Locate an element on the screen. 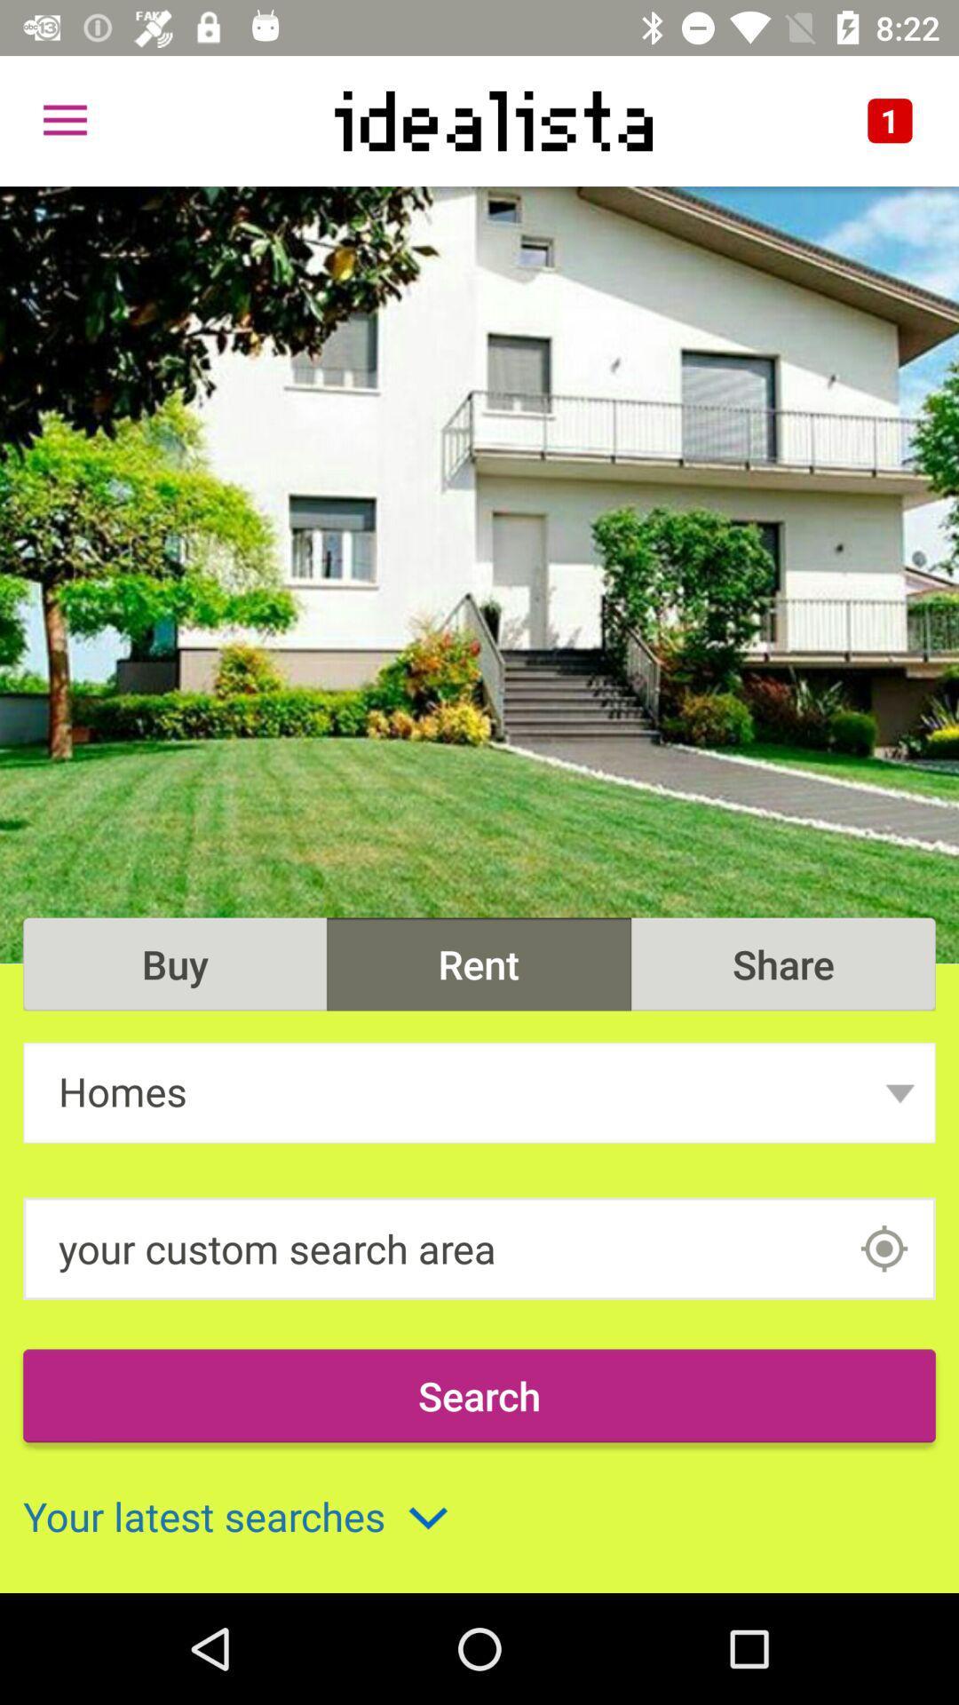  area input box is located at coordinates (884, 1248).